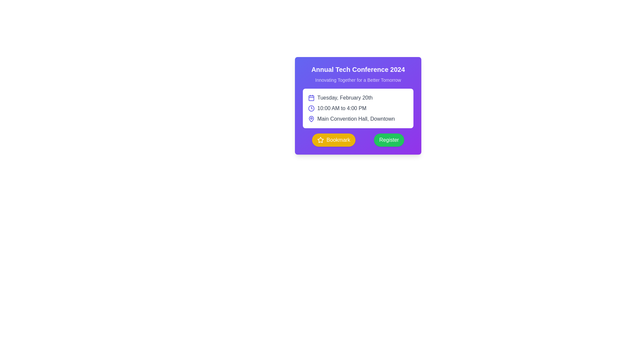 The image size is (632, 356). I want to click on the SVG circle element of the clock icon located in the second row of the description card, which is slightly to the left of the time information '10:00 AM to 4:00 PM', so click(311, 108).